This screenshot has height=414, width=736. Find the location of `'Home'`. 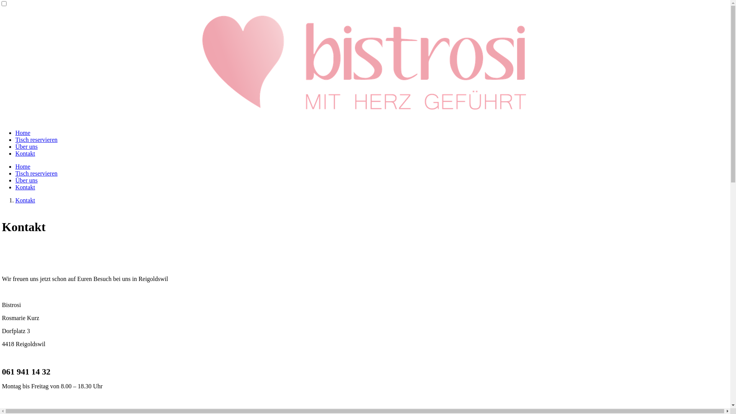

'Home' is located at coordinates (23, 166).